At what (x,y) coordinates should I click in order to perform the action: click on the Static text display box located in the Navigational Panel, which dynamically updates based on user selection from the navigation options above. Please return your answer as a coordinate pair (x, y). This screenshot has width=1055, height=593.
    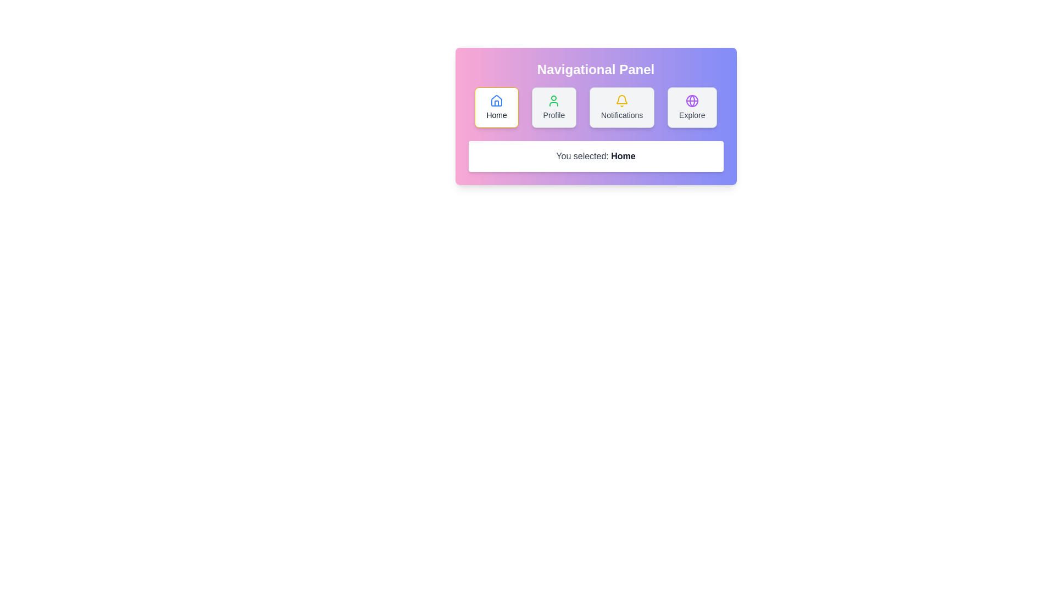
    Looking at the image, I should click on (595, 156).